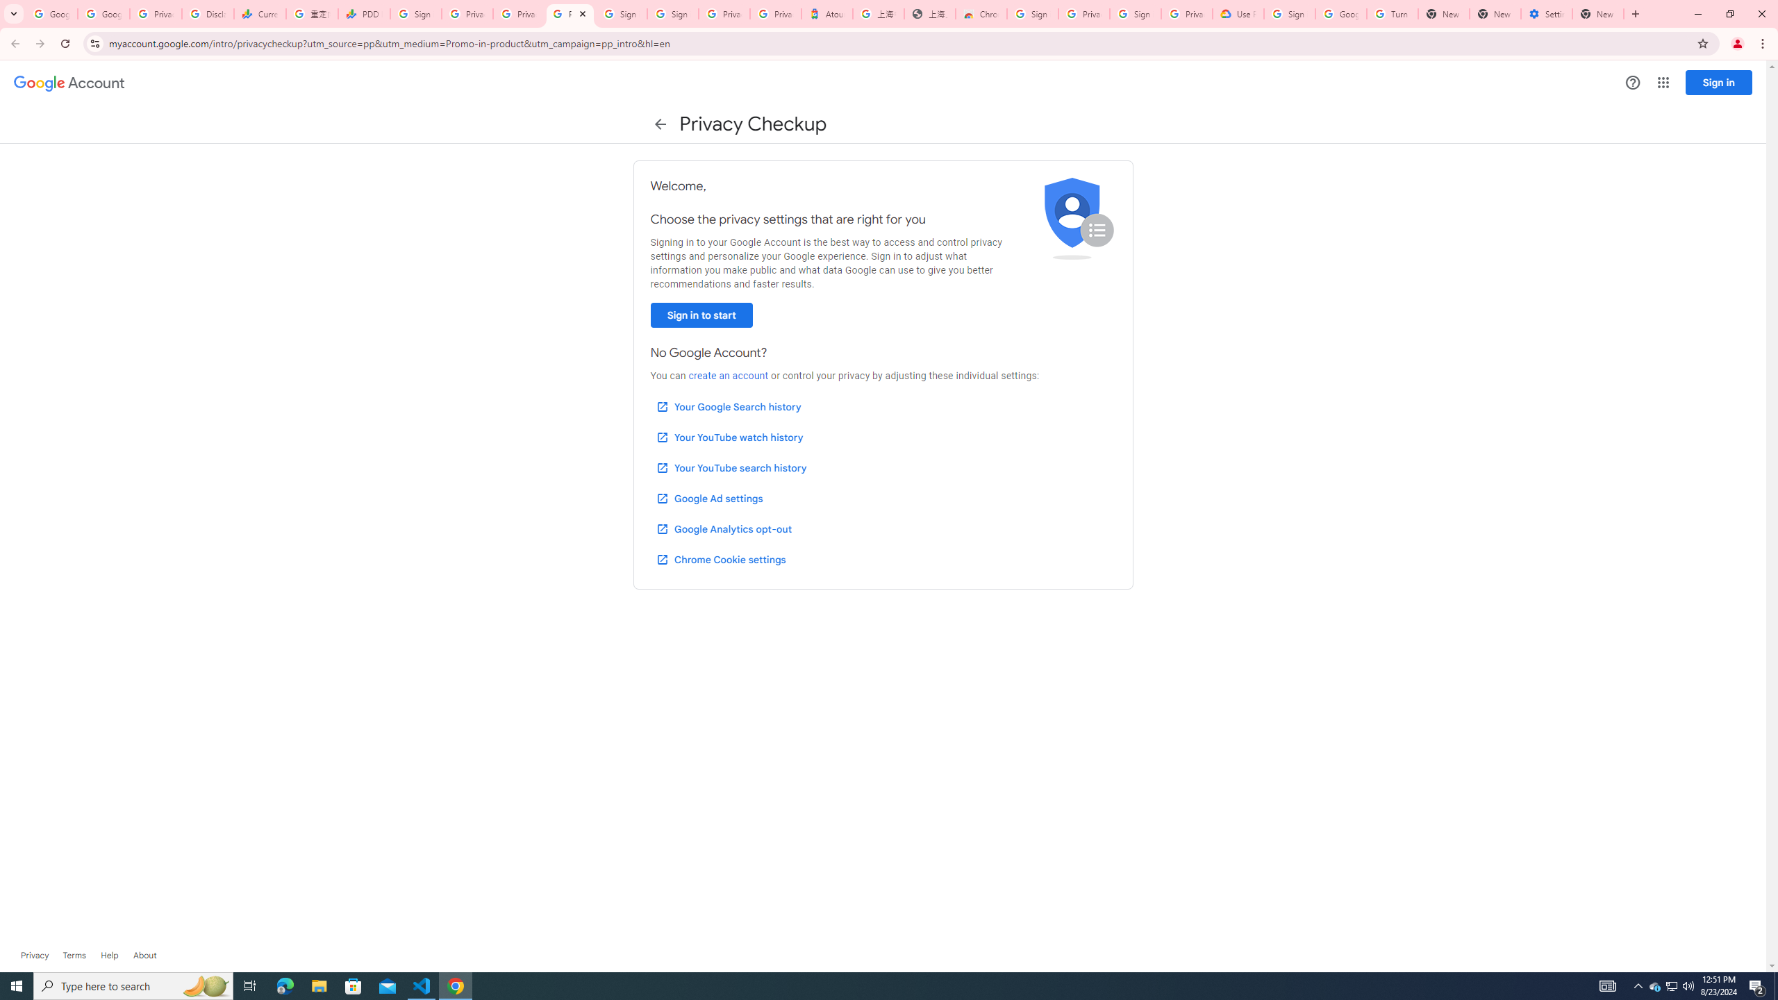 This screenshot has width=1778, height=1000. What do you see at coordinates (363, 13) in the screenshot?
I see `'PDD Holdings Inc - ADR (PDD) Price & News - Google Finance'` at bounding box center [363, 13].